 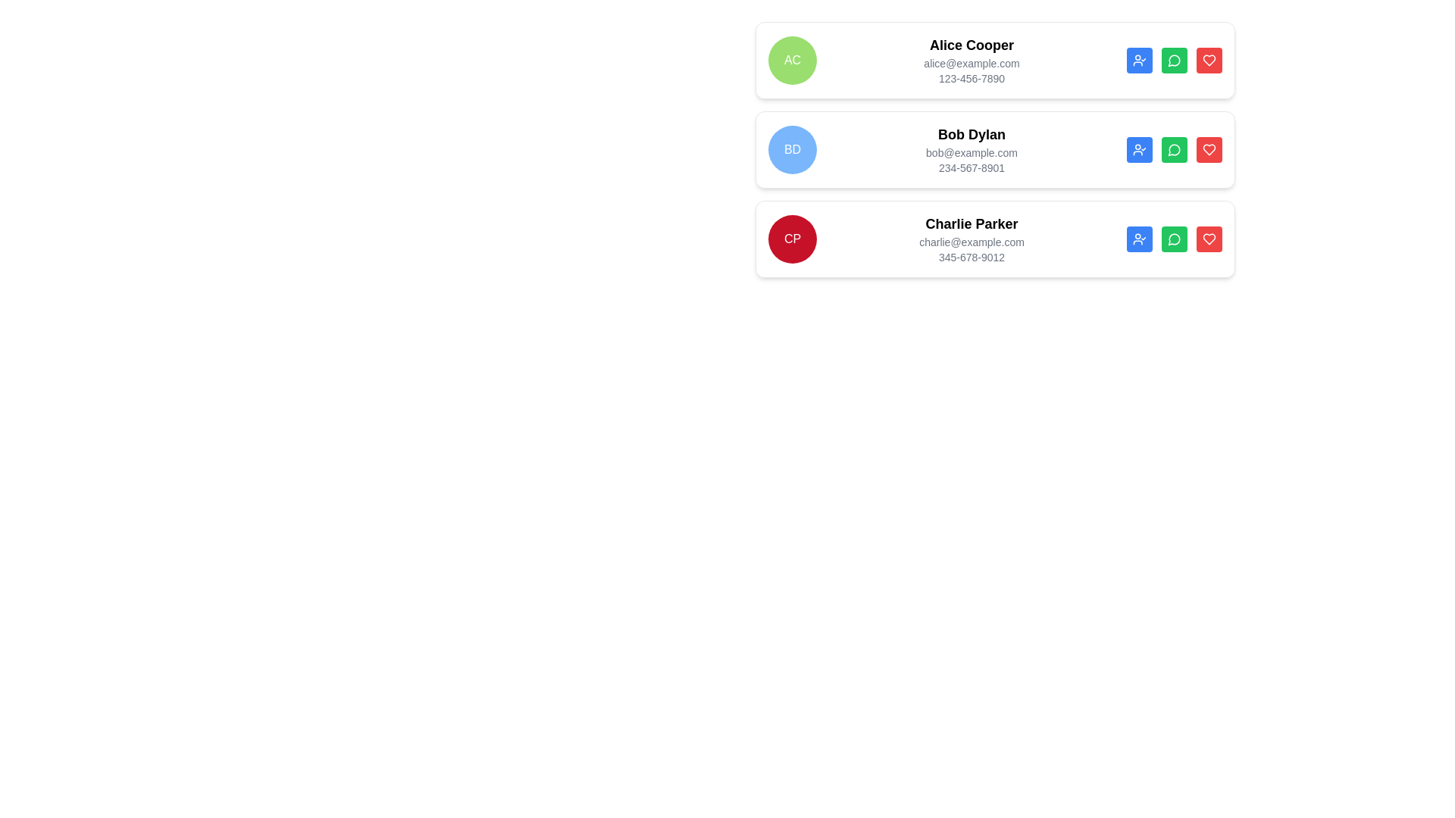 What do you see at coordinates (1173, 60) in the screenshot?
I see `the messaging button representing the communication feature for Charlie Parker located in the third column of action buttons, second row` at bounding box center [1173, 60].